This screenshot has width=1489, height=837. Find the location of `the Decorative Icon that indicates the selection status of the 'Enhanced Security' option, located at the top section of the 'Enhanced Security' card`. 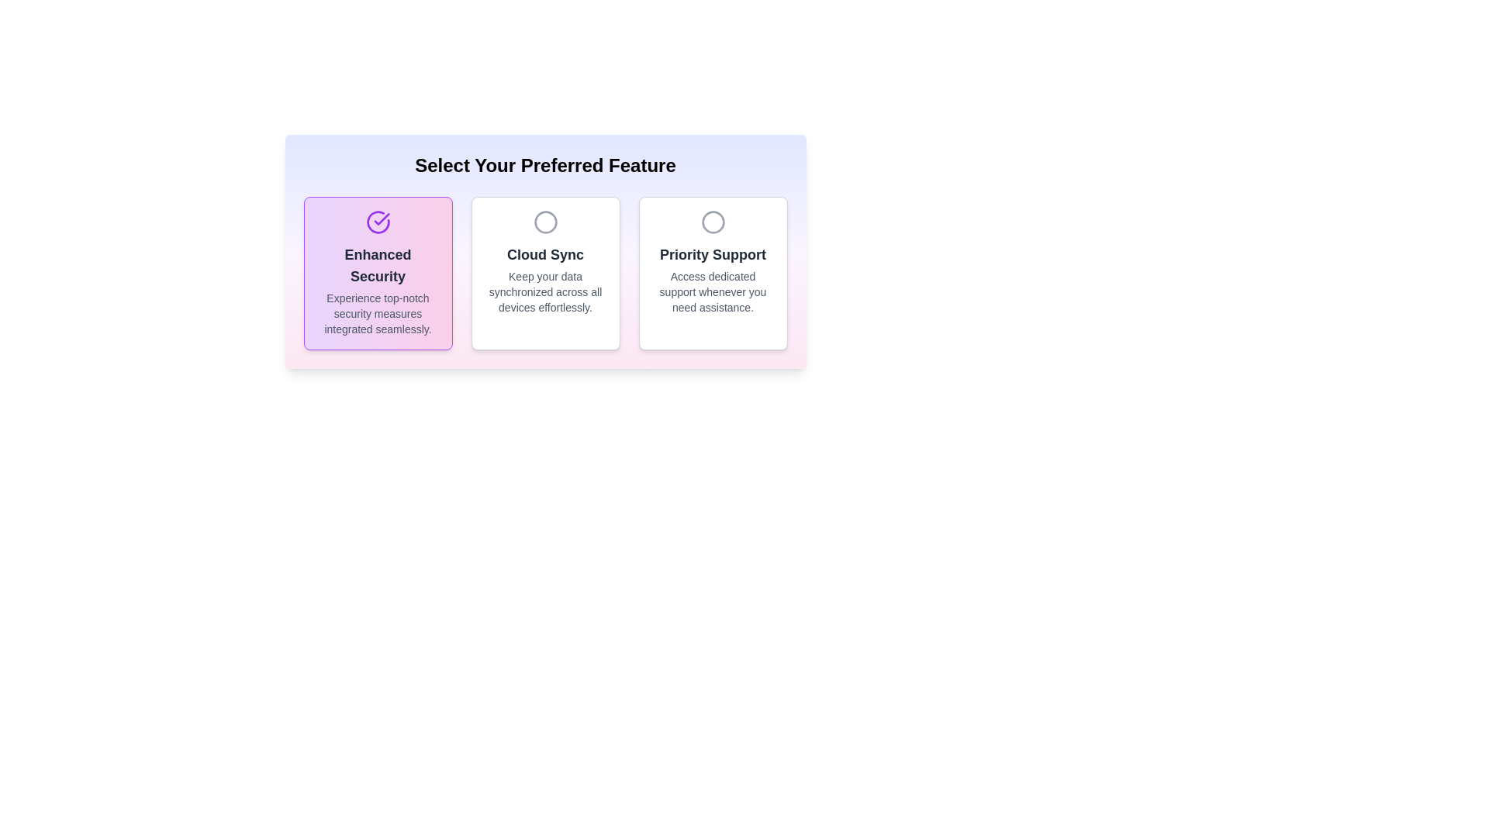

the Decorative Icon that indicates the selection status of the 'Enhanced Security' option, located at the top section of the 'Enhanced Security' card is located at coordinates (382, 219).